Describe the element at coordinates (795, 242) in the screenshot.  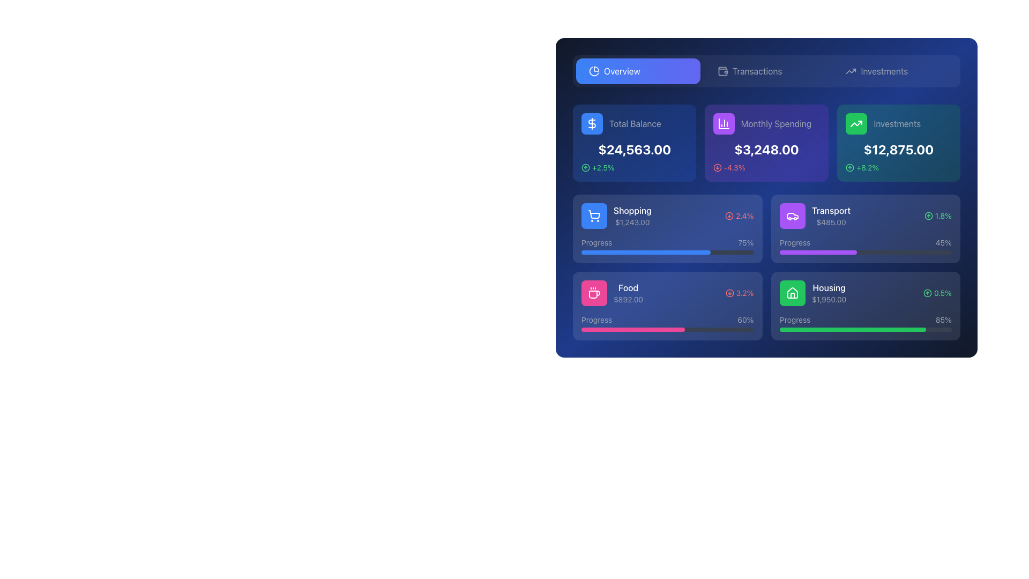
I see `the Text label that indicates the purpose of the associated progress bar, located within the purple-tinted card labeled 'Transport' in the second row` at that location.